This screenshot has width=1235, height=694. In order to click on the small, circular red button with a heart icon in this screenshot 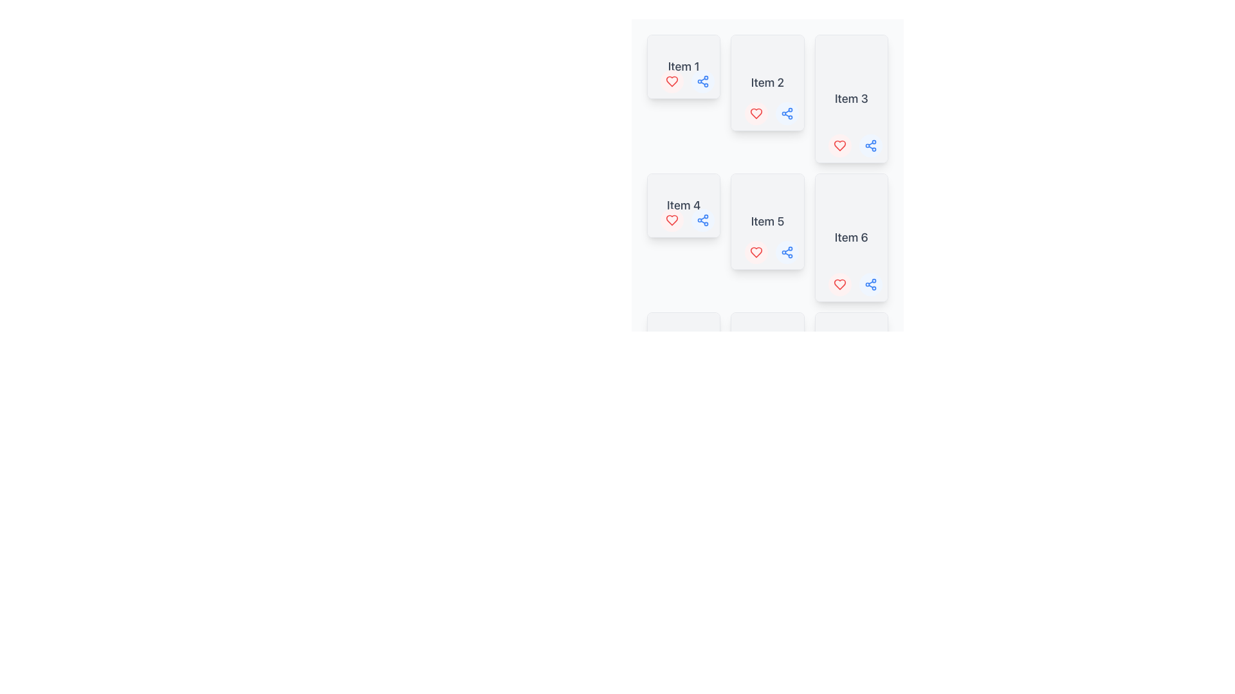, I will do `click(839, 423)`.